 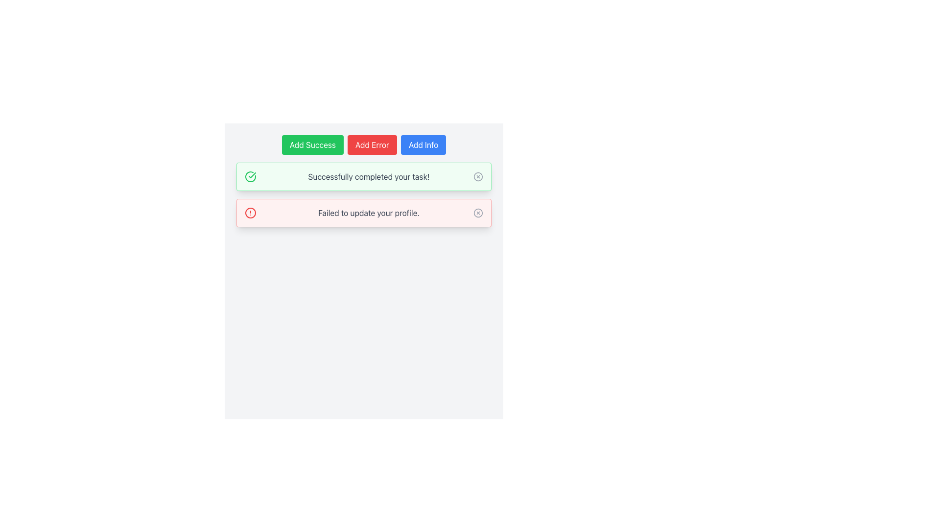 What do you see at coordinates (312, 145) in the screenshot?
I see `the success button located at the top section of the interface` at bounding box center [312, 145].